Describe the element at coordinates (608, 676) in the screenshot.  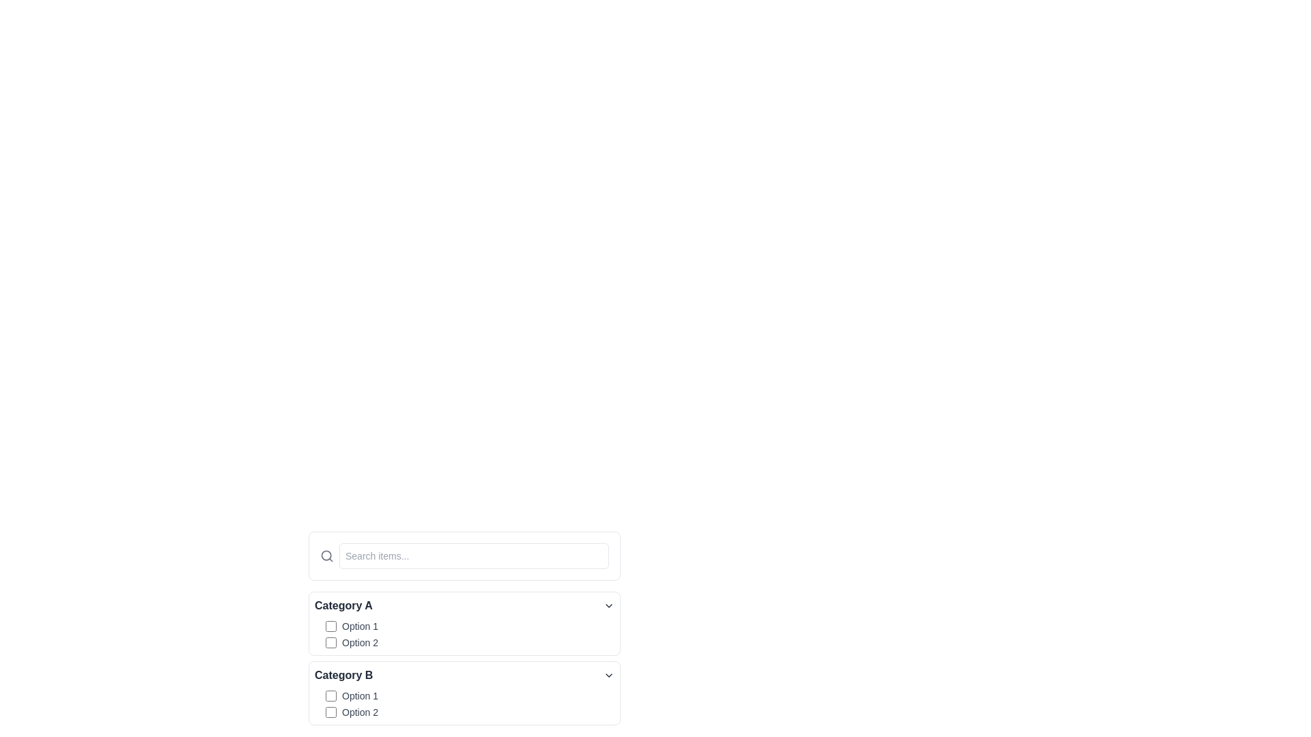
I see `the chevron icon located at the top-right corner of the 'Category B' header` at that location.